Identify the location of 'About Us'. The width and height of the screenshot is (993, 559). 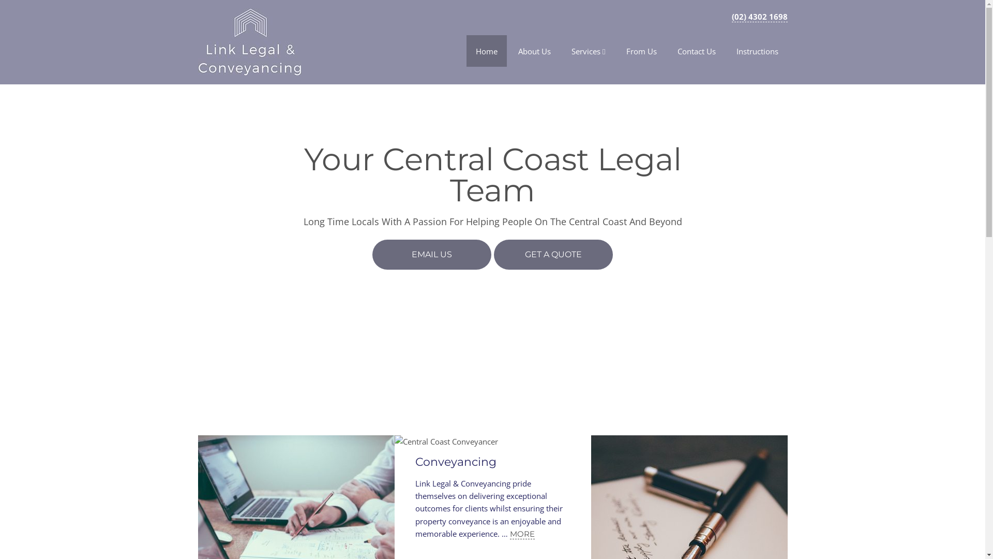
(534, 51).